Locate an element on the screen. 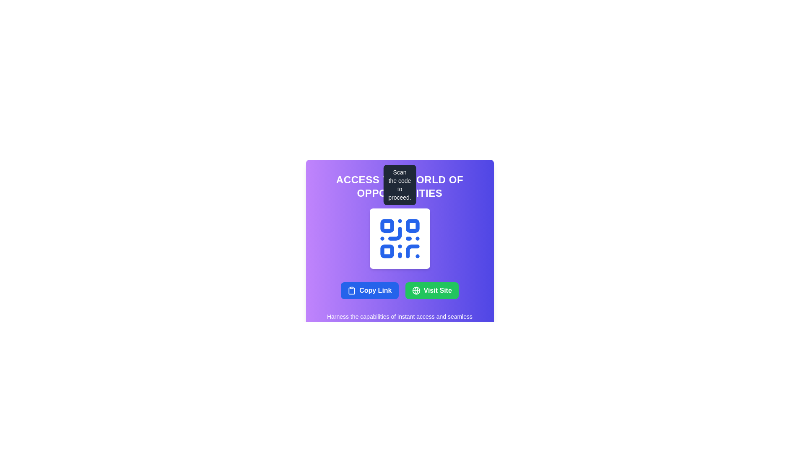  the 'Visit Site' button, which is positioned on the right side of a group of two buttons, with the left button labeled 'Copy Link' and the right button labeled 'Visit Site' is located at coordinates (399, 290).